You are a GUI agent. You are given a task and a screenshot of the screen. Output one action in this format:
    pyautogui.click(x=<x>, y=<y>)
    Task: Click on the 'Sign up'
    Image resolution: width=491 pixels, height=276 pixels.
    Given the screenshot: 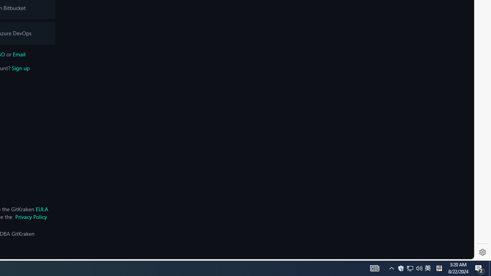 What is the action you would take?
    pyautogui.click(x=20, y=67)
    